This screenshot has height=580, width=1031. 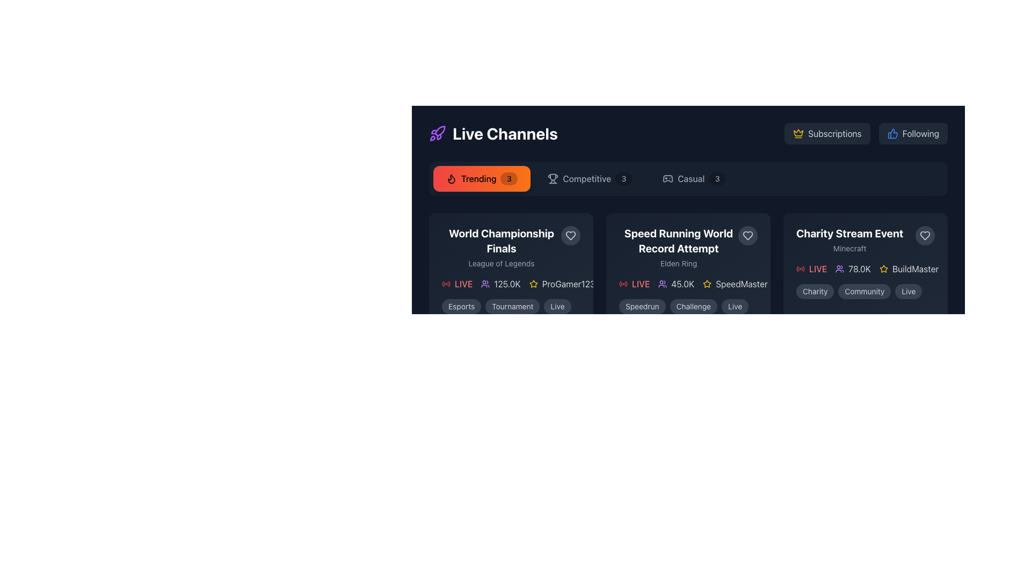 What do you see at coordinates (641, 283) in the screenshot?
I see `the text label displaying 'LIVE' in uppercase, styled with red color and bold font, located next to a pulsating radio signal icon` at bounding box center [641, 283].